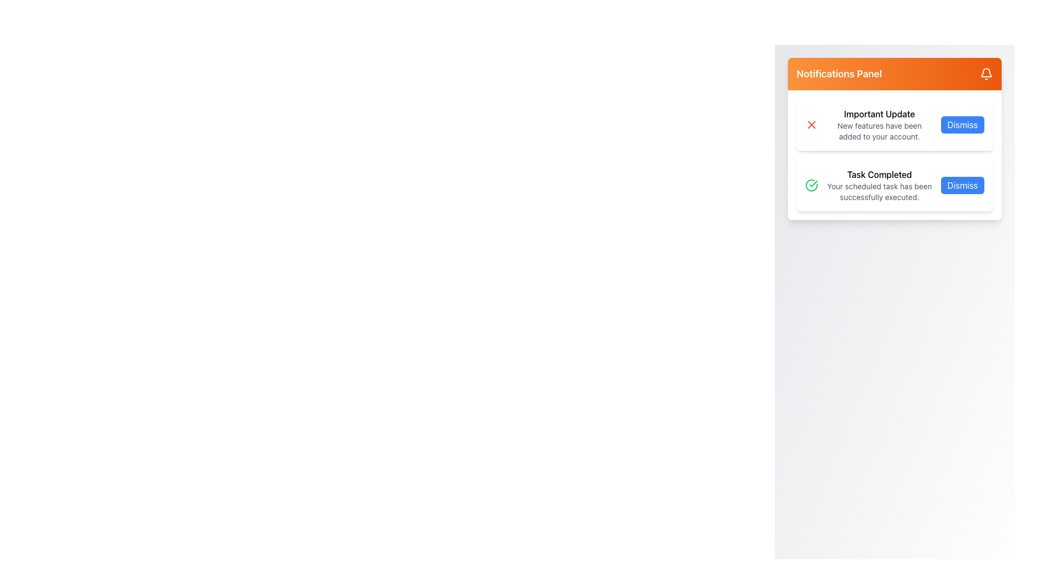 The height and width of the screenshot is (584, 1039). I want to click on the Static Text Label displaying 'Task Completed' at the top of the notification card in the Notifications Panel, so click(879, 174).